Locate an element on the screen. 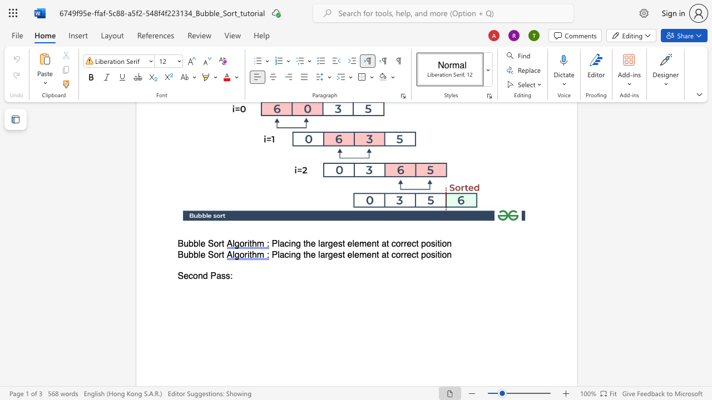 The height and width of the screenshot is (400, 712). the 2th character "b" in the text is located at coordinates (196, 243).